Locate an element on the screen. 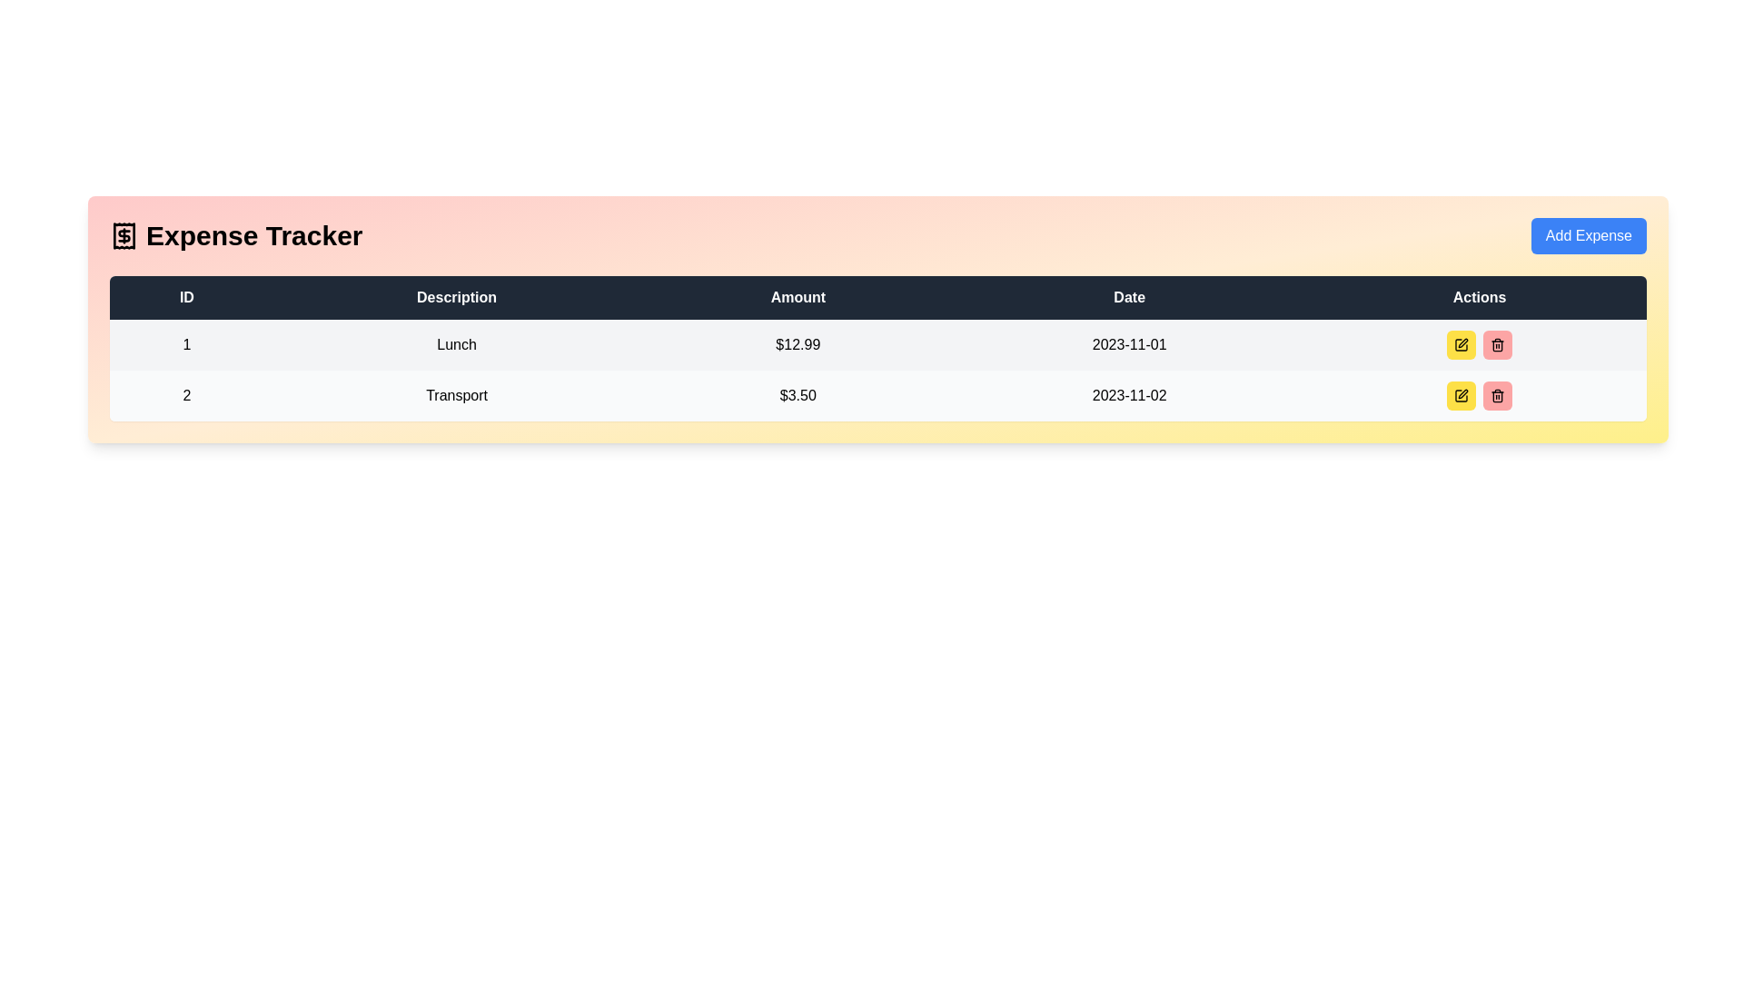  the yellow button with rounded corners and a pen icon in the 'Actions' column of the first row of the data table is located at coordinates (1461, 345).